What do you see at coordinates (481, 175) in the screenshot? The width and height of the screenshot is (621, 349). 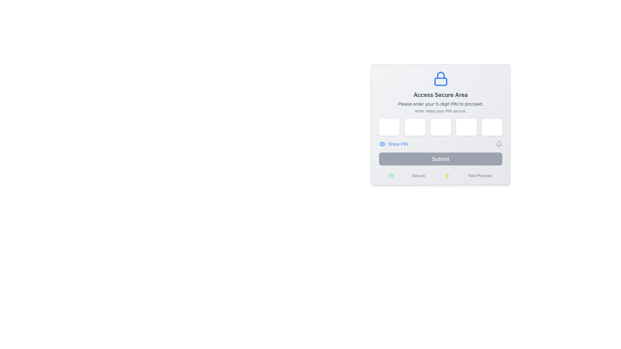 I see `the third static label in the horizontal list of text descriptors, which indicates the feature 'Fast.' This label is positioned below the main form interface, following the 'Secure.' label` at bounding box center [481, 175].